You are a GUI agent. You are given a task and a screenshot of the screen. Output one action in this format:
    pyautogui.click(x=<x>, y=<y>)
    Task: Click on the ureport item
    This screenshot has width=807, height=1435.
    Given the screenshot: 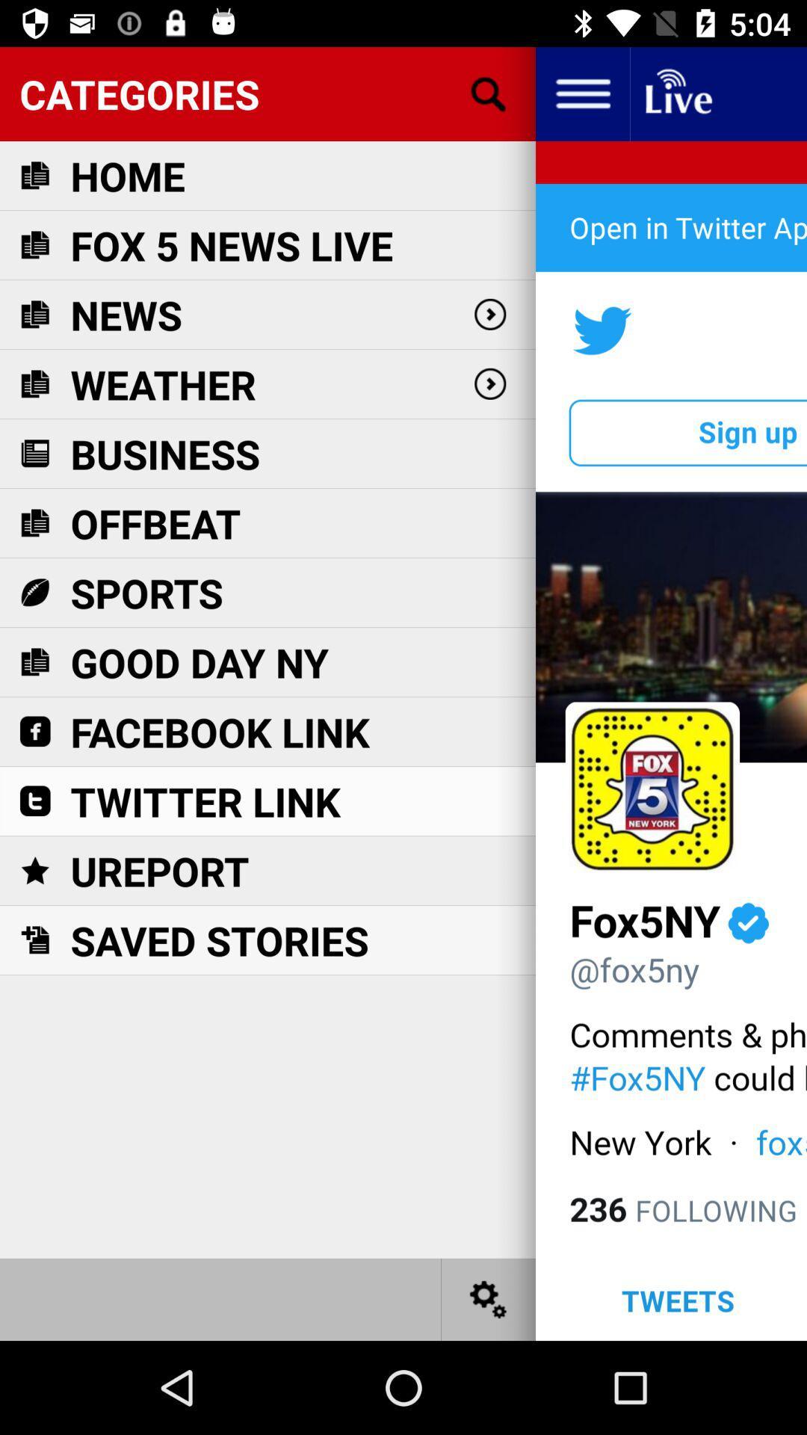 What is the action you would take?
    pyautogui.click(x=160, y=871)
    